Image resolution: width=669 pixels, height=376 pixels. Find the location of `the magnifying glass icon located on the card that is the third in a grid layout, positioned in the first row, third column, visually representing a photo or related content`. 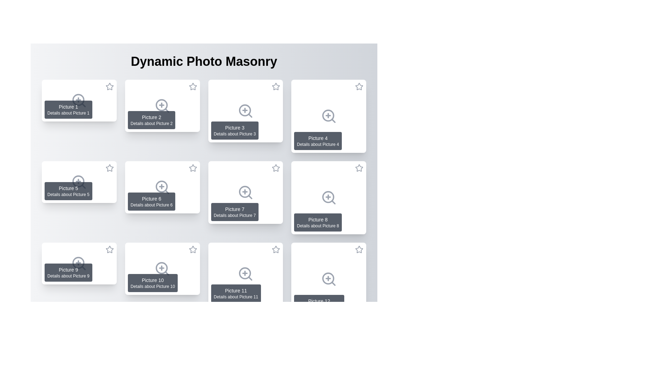

the magnifying glass icon located on the card that is the third in a grid layout, positioned in the first row, third column, visually representing a photo or related content is located at coordinates (245, 111).